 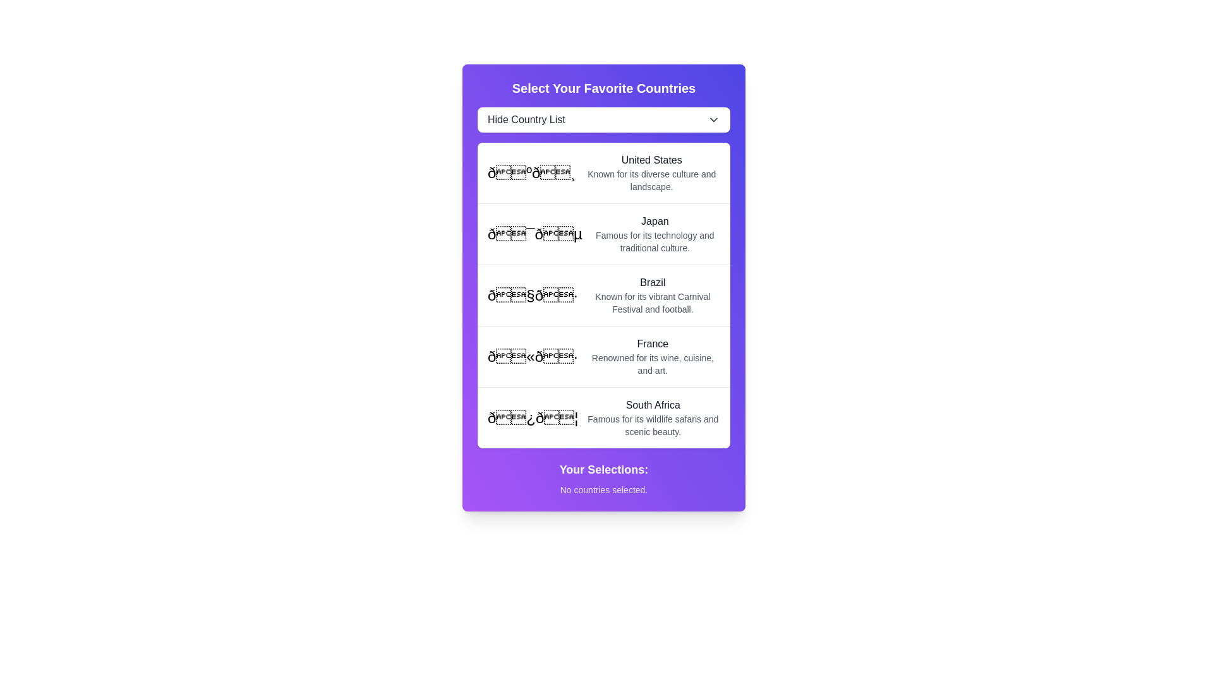 I want to click on the Text Block displaying 'France', which is characterized by bold dark gray text and a description below it in smaller gray text, located in the middle of the layout between 'Brazil' and 'South Africa', so click(x=653, y=356).